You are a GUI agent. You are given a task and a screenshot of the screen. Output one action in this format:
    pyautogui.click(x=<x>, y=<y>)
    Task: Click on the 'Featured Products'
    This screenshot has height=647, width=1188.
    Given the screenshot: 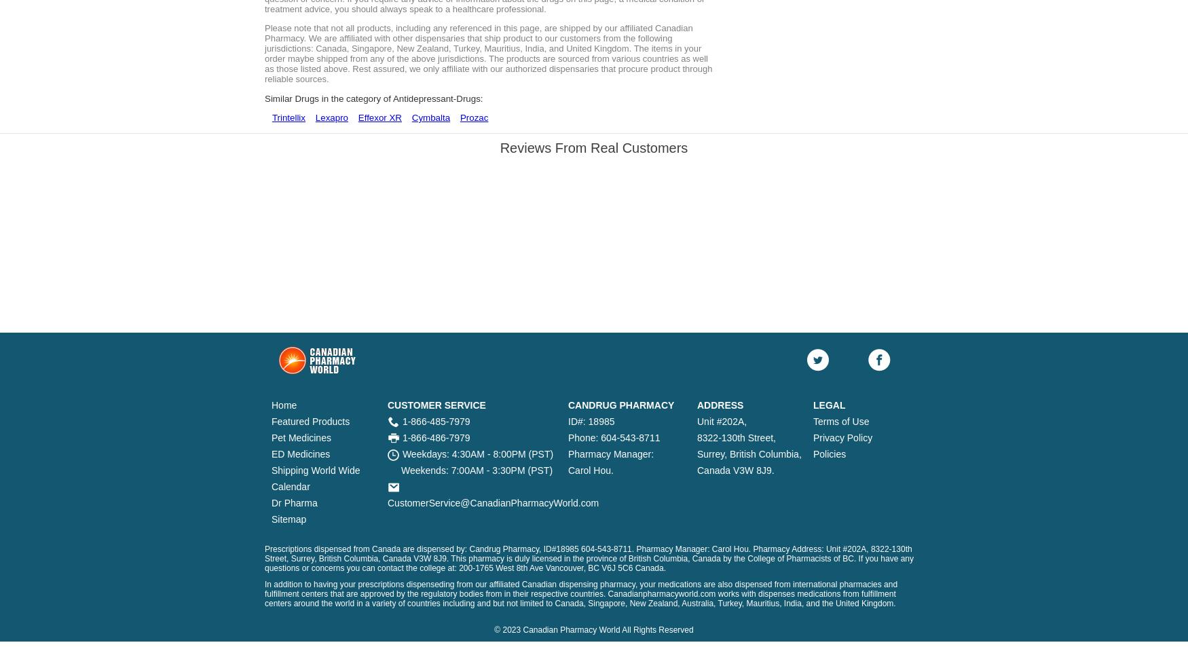 What is the action you would take?
    pyautogui.click(x=310, y=421)
    